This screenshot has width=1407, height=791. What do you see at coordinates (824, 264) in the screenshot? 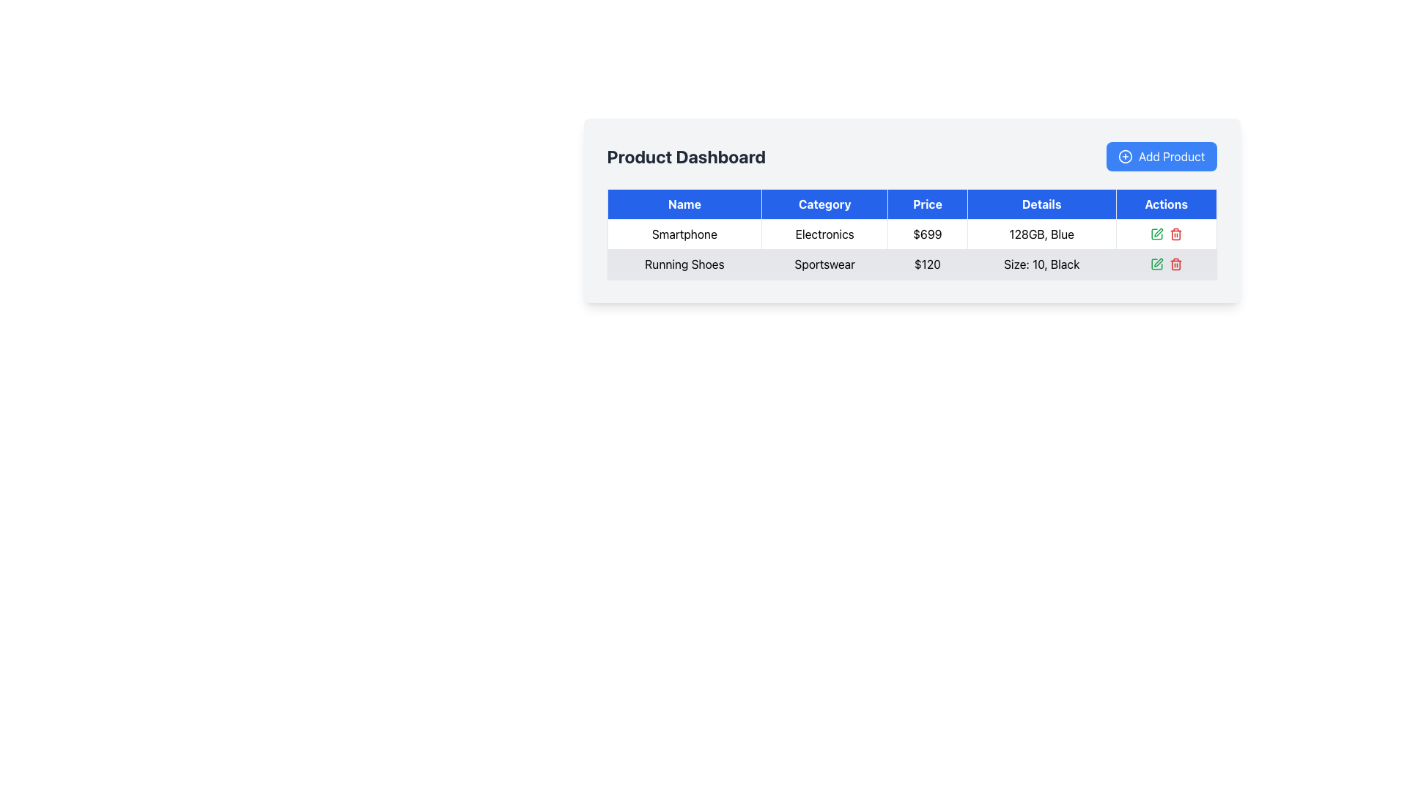
I see `the static text element displaying 'Sportswear', located in the 'Category' column of the table, specifically in the row for 'Running Shoes'` at bounding box center [824, 264].